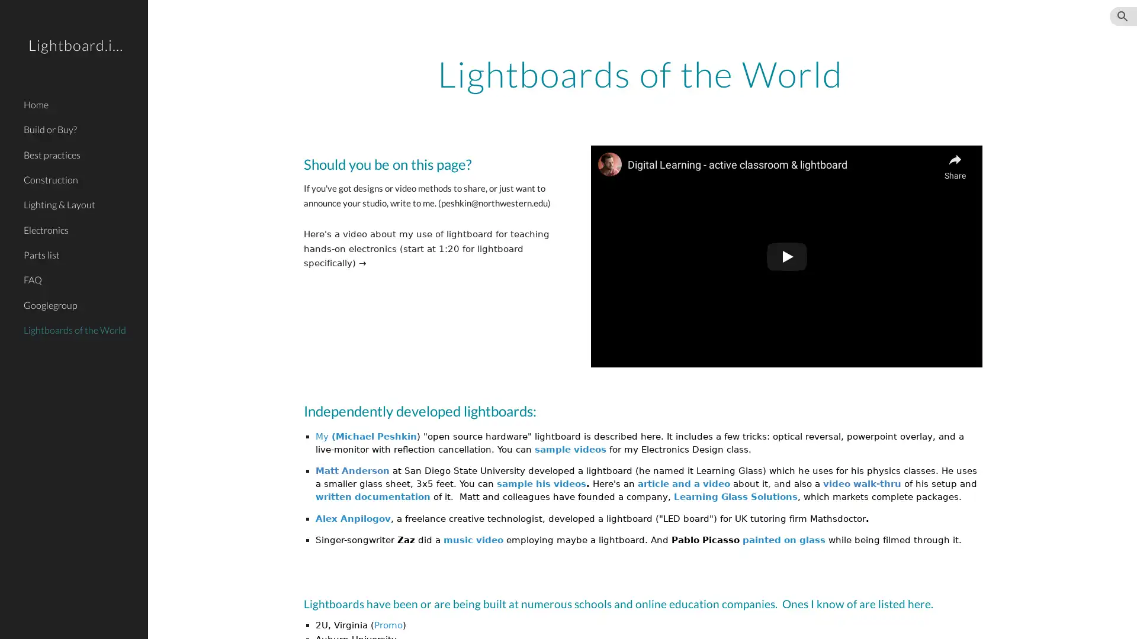  What do you see at coordinates (291, 618) in the screenshot?
I see `Report abuse` at bounding box center [291, 618].